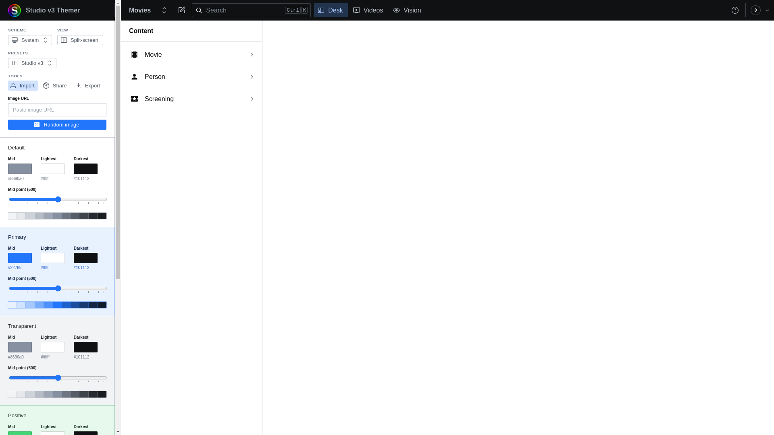  I want to click on 'Person', so click(191, 77).